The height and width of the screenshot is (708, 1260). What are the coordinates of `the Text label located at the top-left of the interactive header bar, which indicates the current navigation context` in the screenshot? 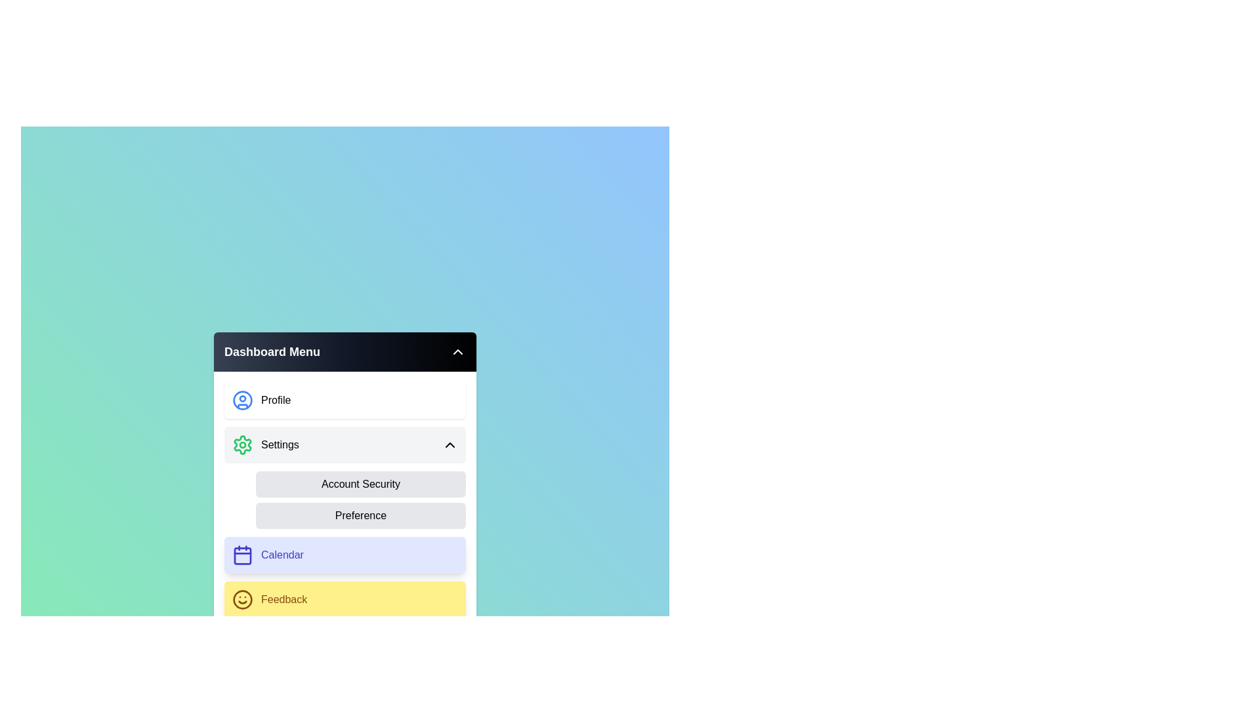 It's located at (272, 351).